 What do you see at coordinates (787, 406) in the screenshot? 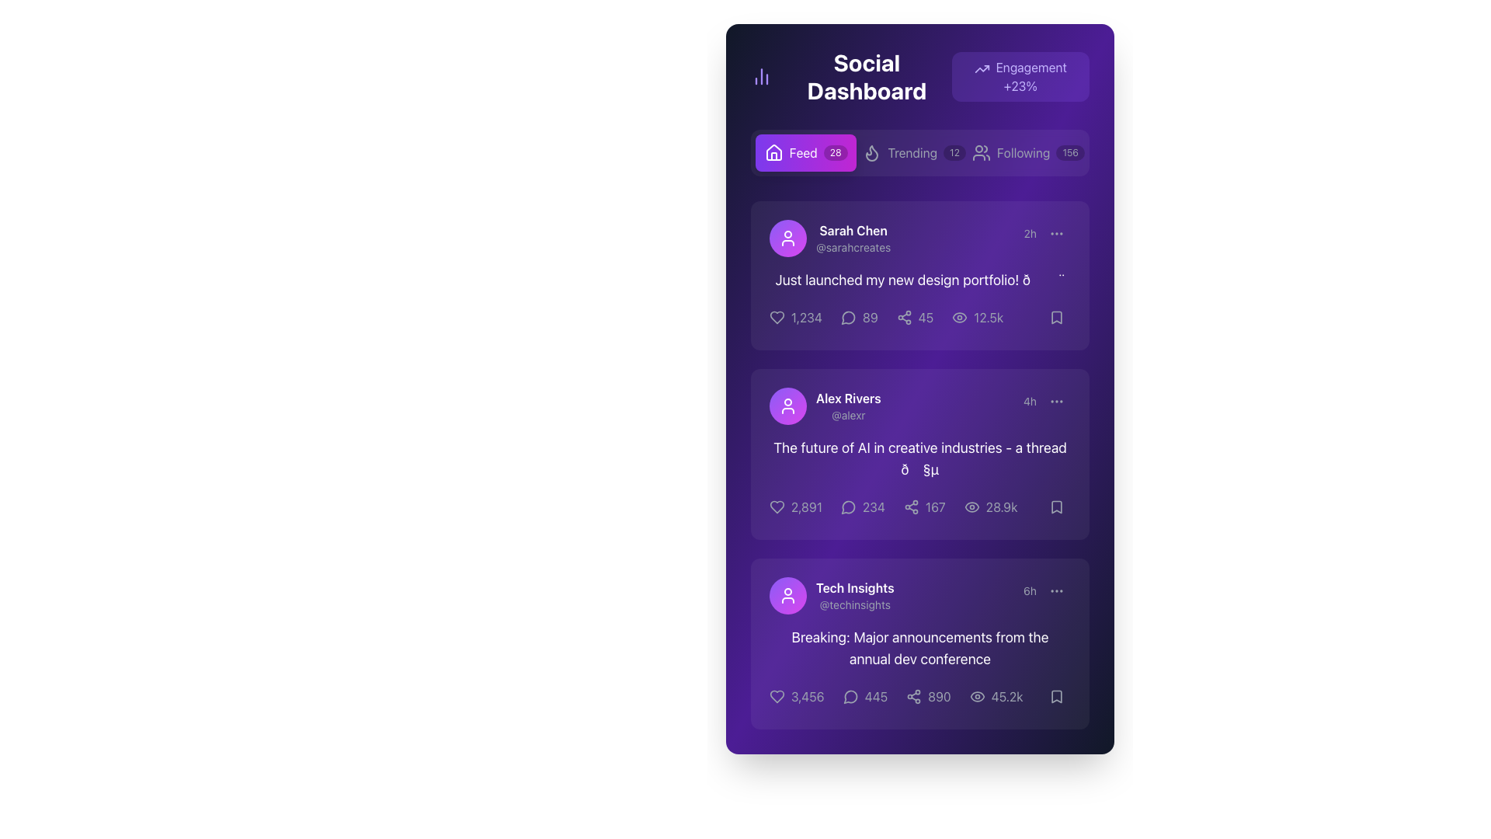
I see `the Circular icon with user representation (profile image placeholder) associated with user 'Alex Rivers'` at bounding box center [787, 406].